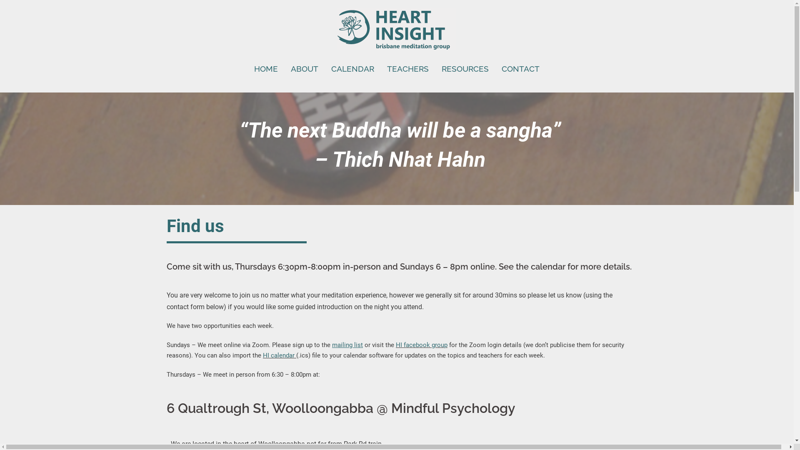 The height and width of the screenshot is (450, 800). What do you see at coordinates (331, 345) in the screenshot?
I see `'mailing list'` at bounding box center [331, 345].